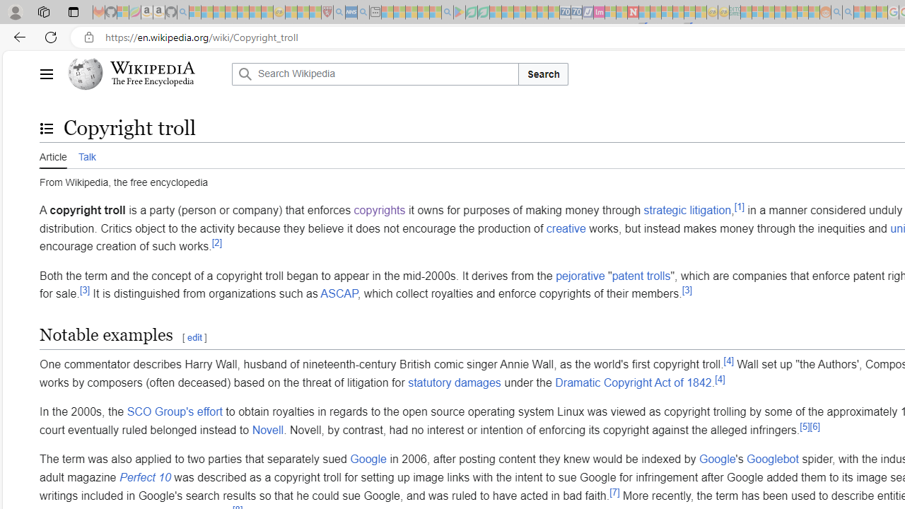 The width and height of the screenshot is (905, 509). I want to click on 'ASCAP', so click(338, 293).